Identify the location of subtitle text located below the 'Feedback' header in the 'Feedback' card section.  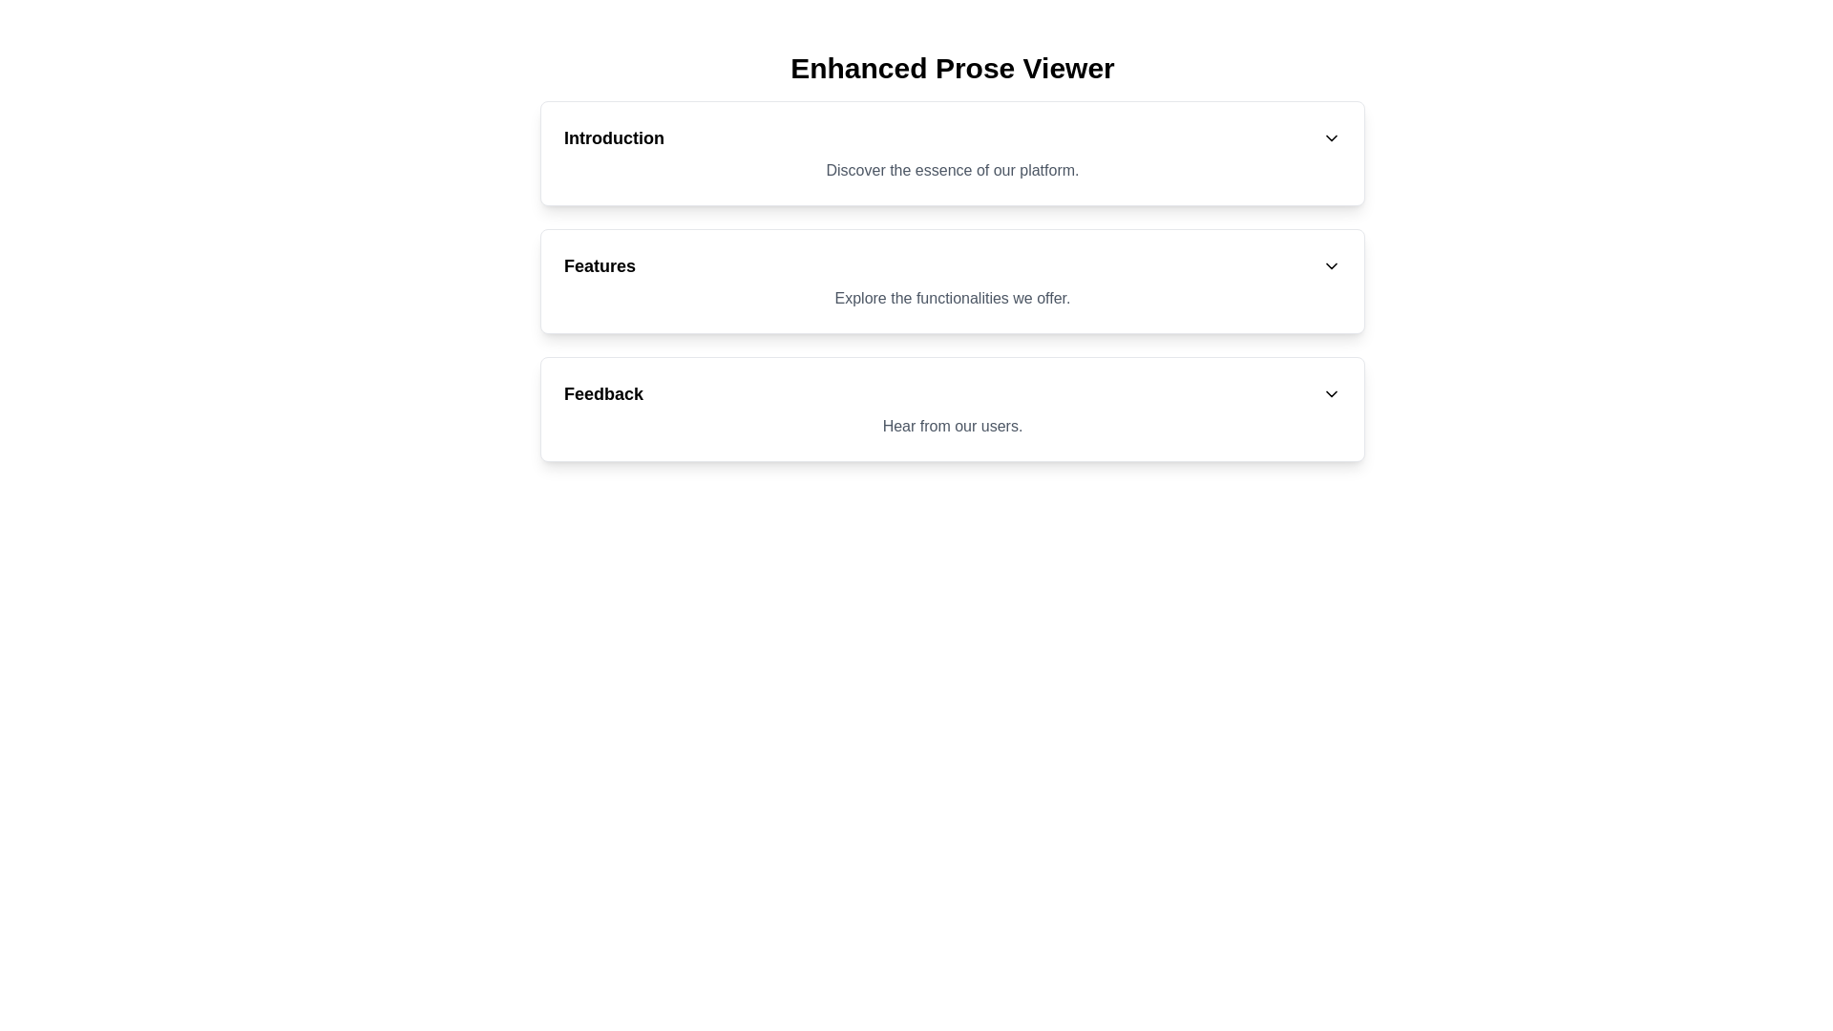
(953, 426).